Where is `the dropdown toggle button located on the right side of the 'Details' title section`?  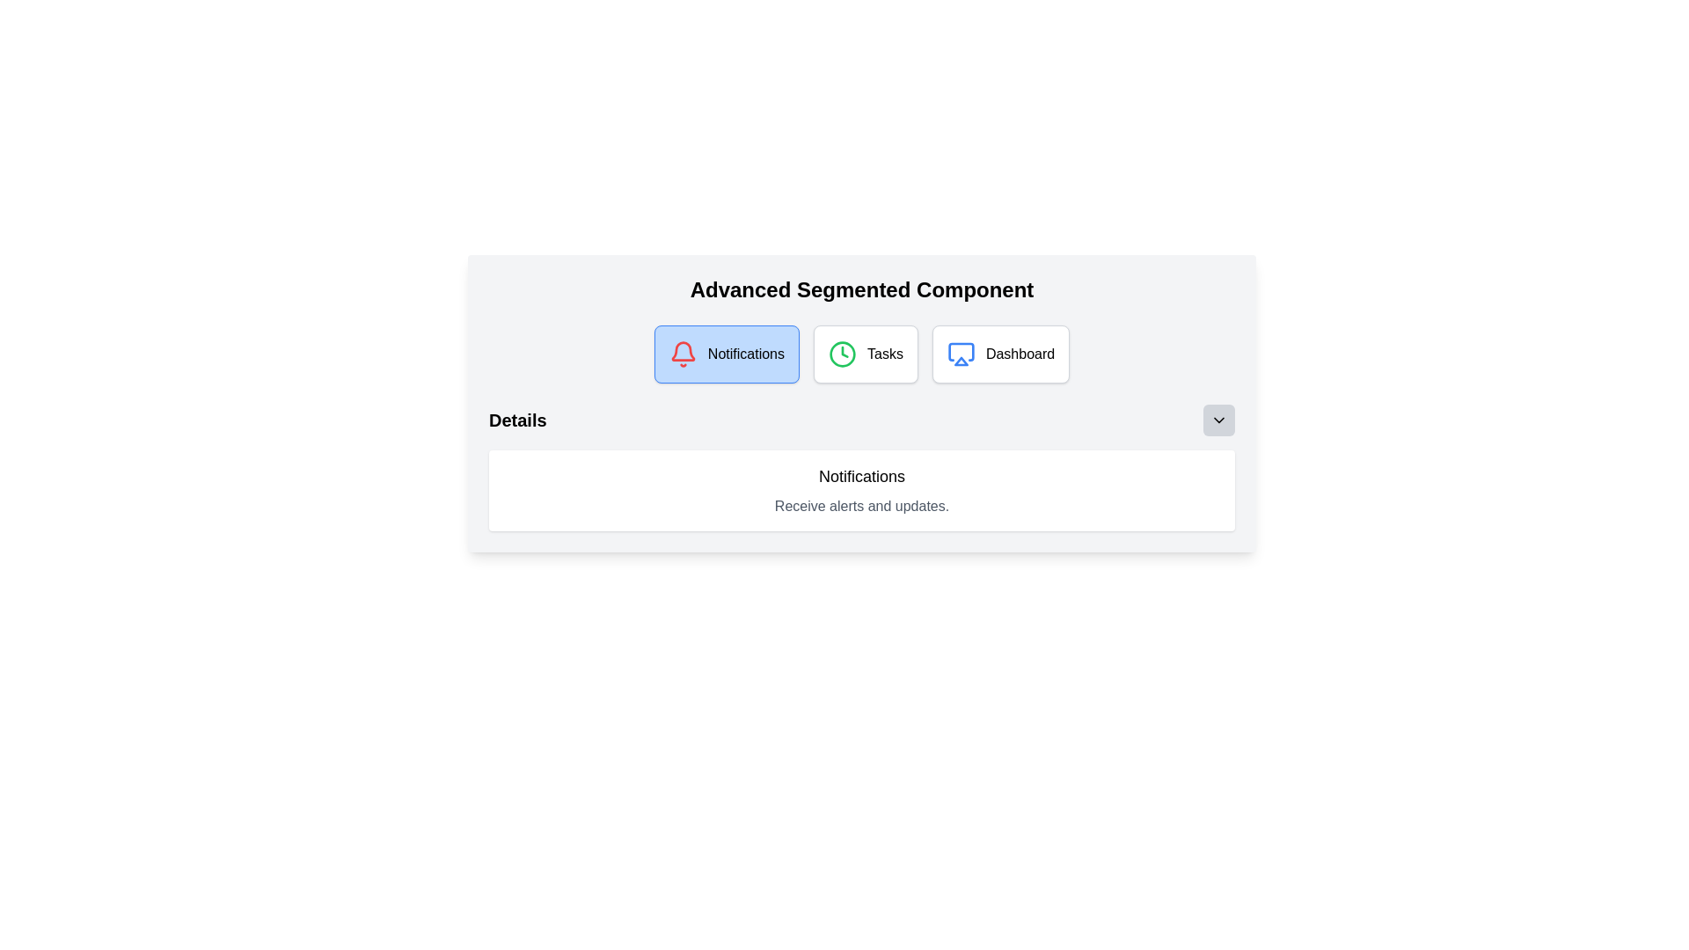 the dropdown toggle button located on the right side of the 'Details' title section is located at coordinates (1218, 420).